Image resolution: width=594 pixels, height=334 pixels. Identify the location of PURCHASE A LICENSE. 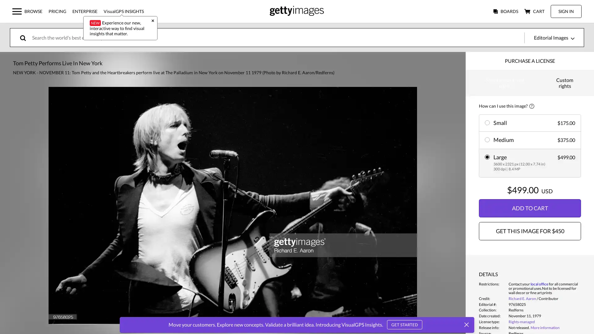
(530, 61).